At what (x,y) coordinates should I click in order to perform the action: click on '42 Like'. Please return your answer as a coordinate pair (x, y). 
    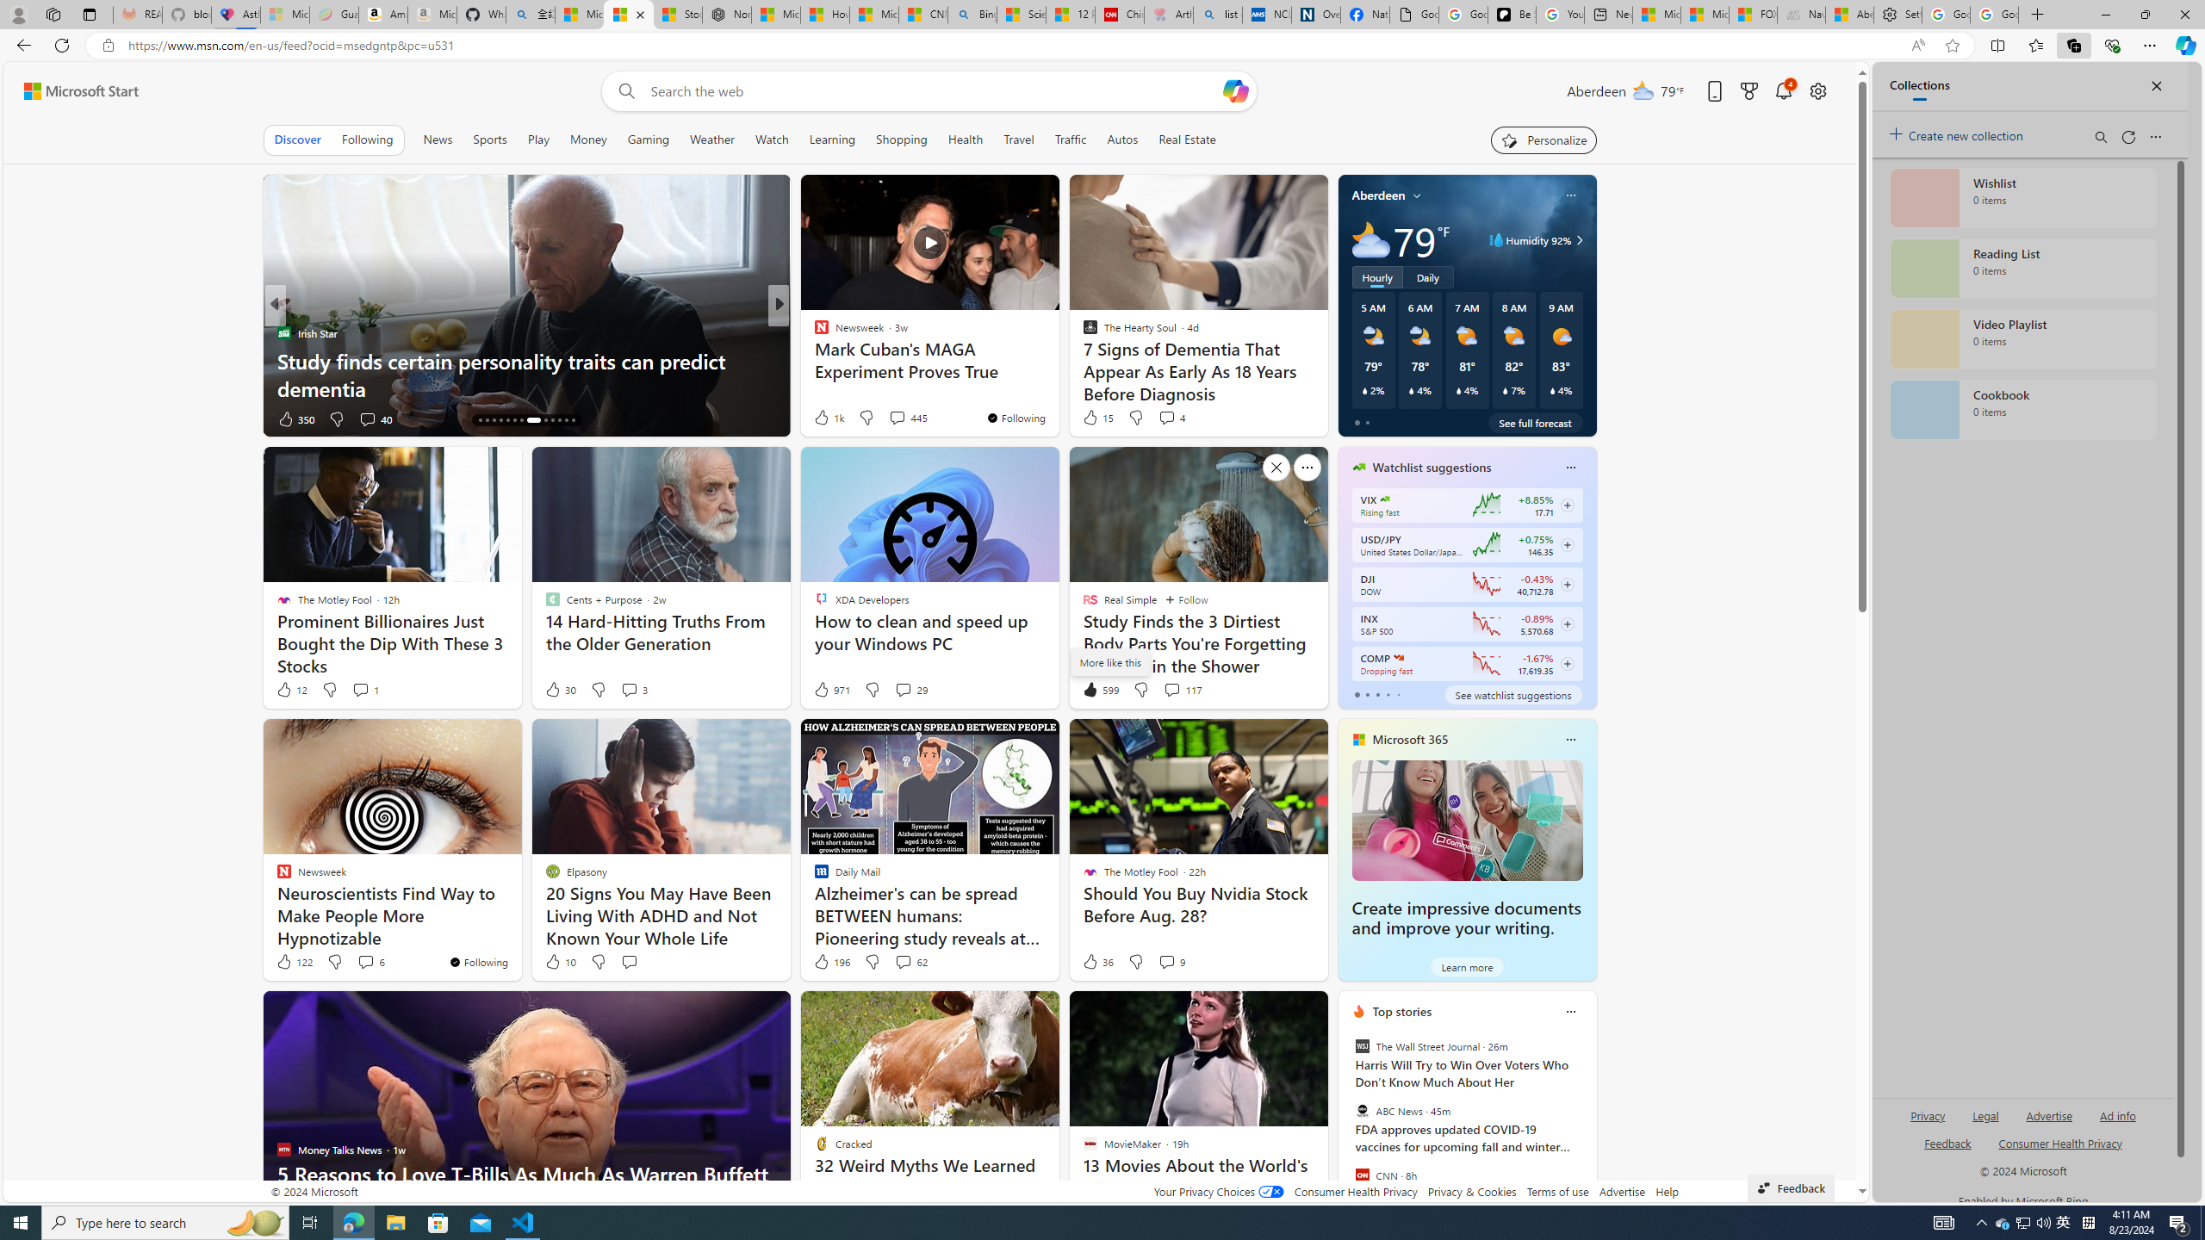
    Looking at the image, I should click on (823, 418).